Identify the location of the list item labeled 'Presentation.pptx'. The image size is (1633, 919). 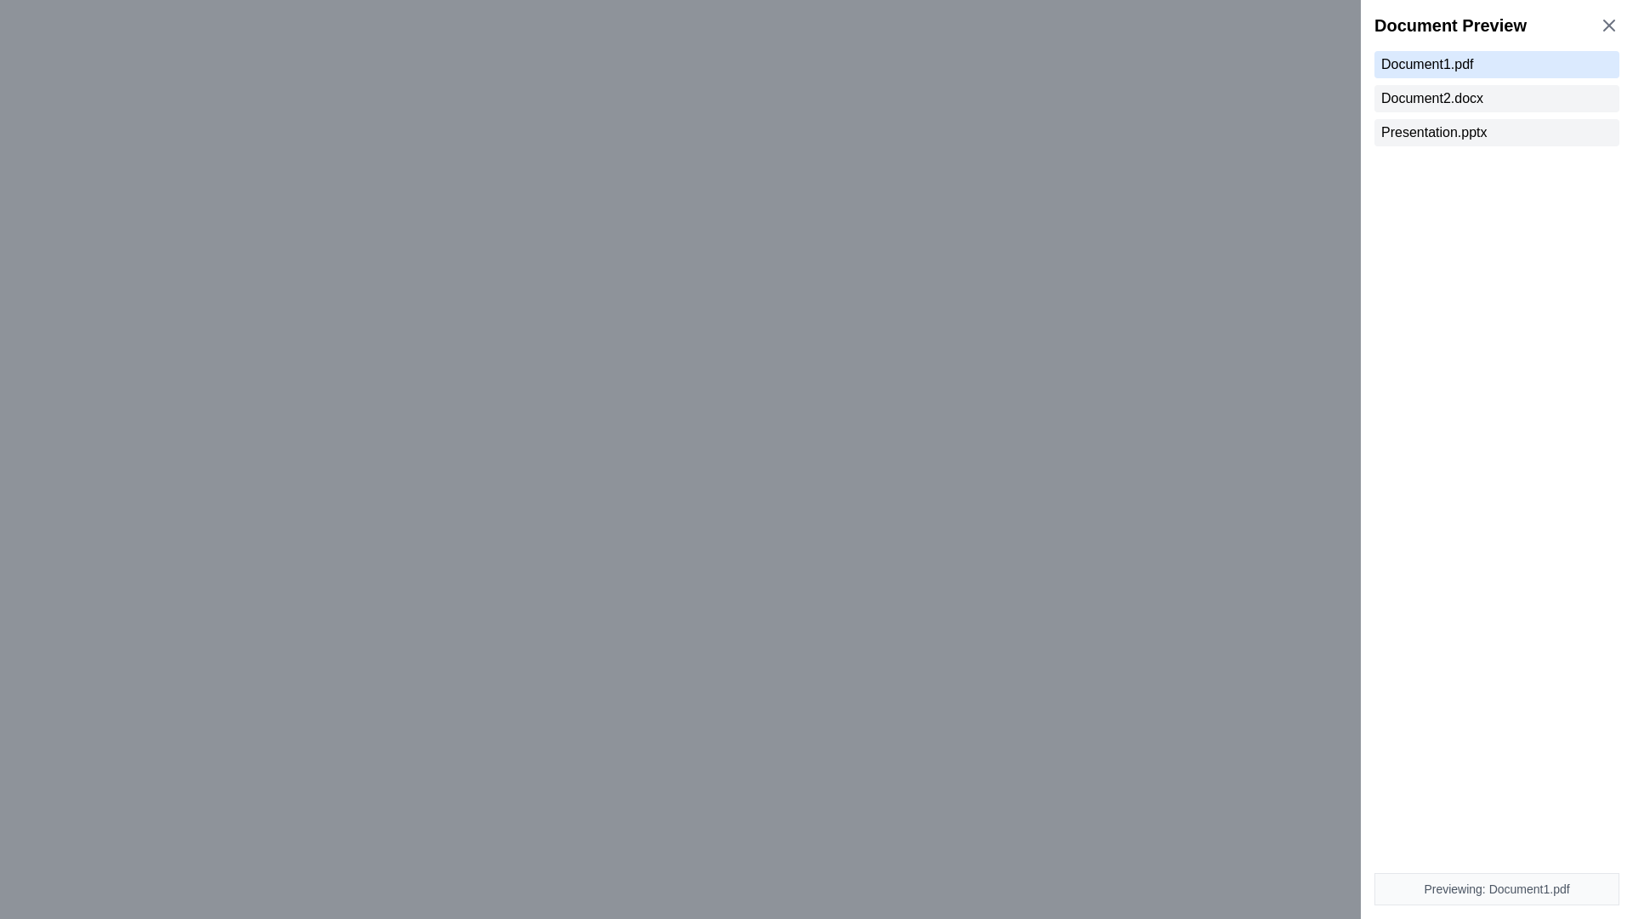
(1497, 131).